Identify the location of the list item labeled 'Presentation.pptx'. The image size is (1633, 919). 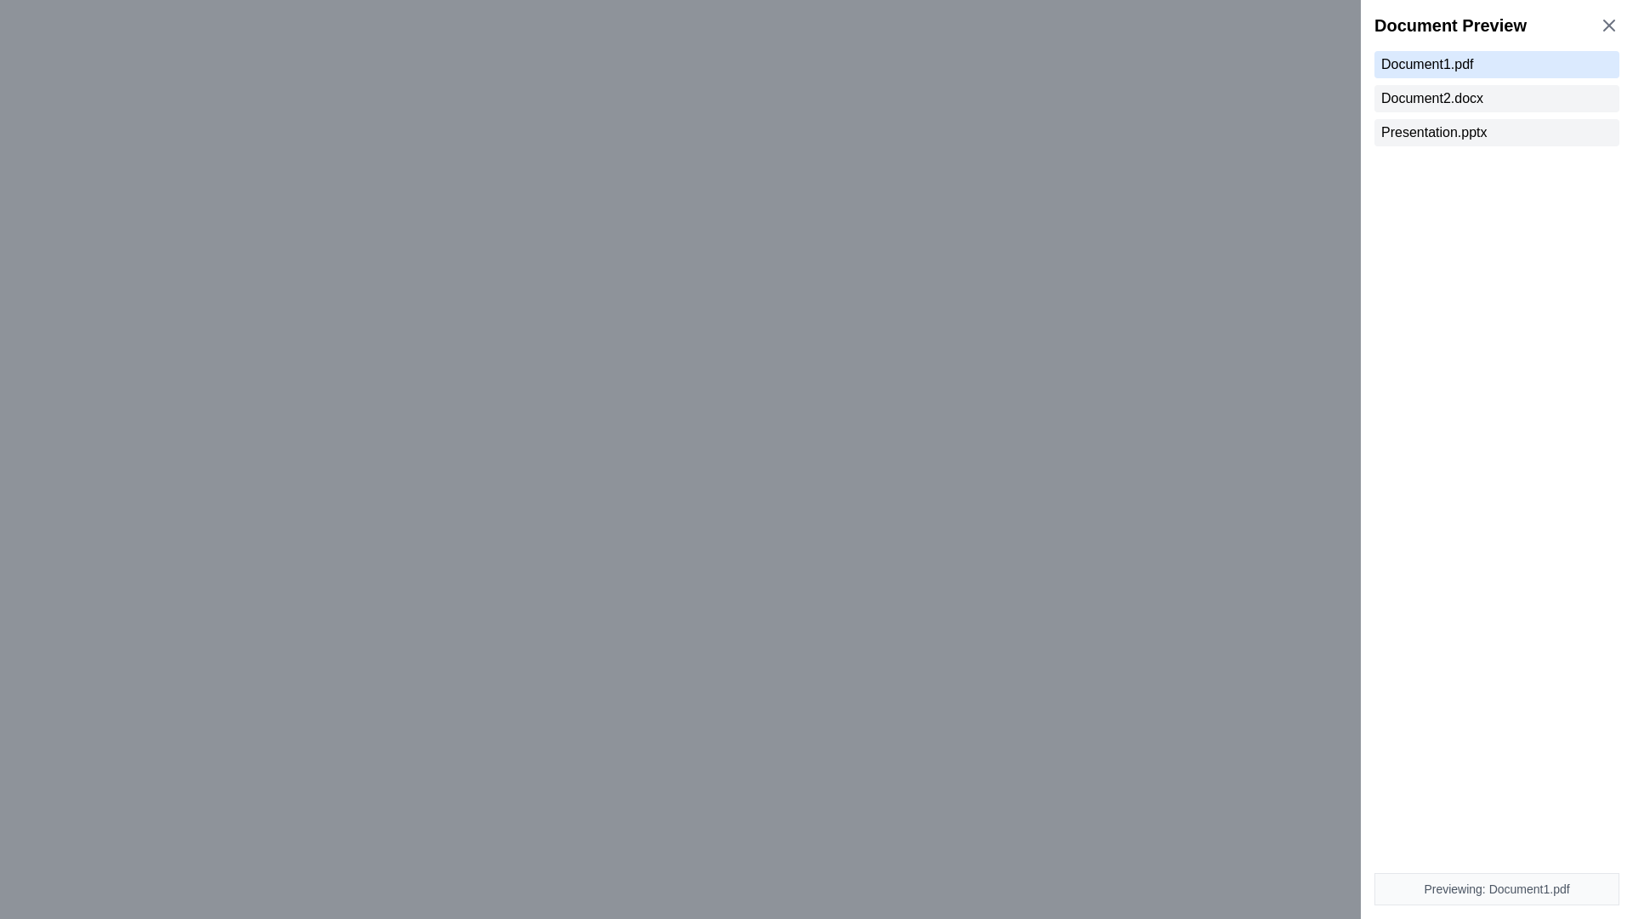
(1497, 131).